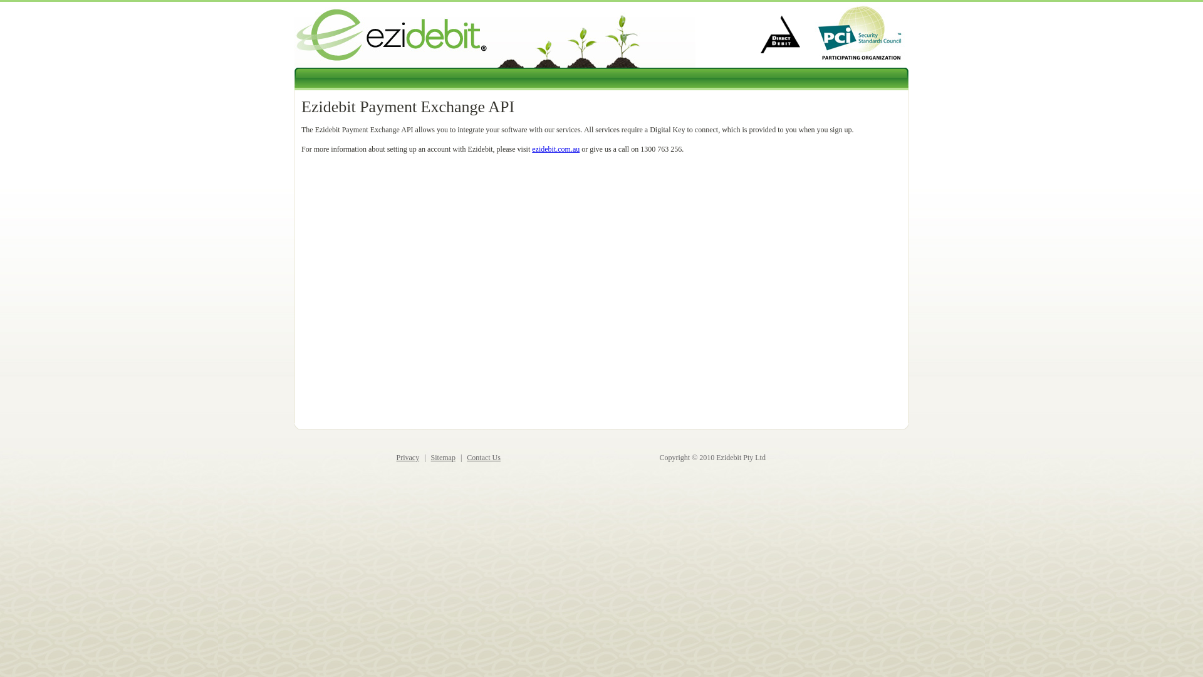 This screenshot has height=677, width=1203. What do you see at coordinates (483, 457) in the screenshot?
I see `'Contact Us'` at bounding box center [483, 457].